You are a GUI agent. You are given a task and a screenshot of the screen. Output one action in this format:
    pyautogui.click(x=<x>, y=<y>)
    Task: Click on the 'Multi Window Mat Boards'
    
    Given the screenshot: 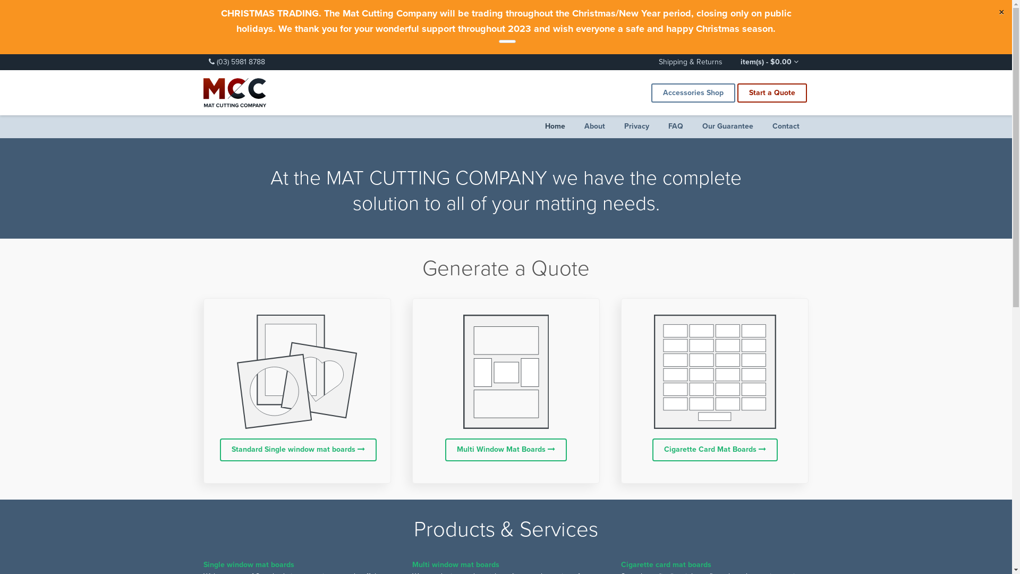 What is the action you would take?
    pyautogui.click(x=505, y=450)
    